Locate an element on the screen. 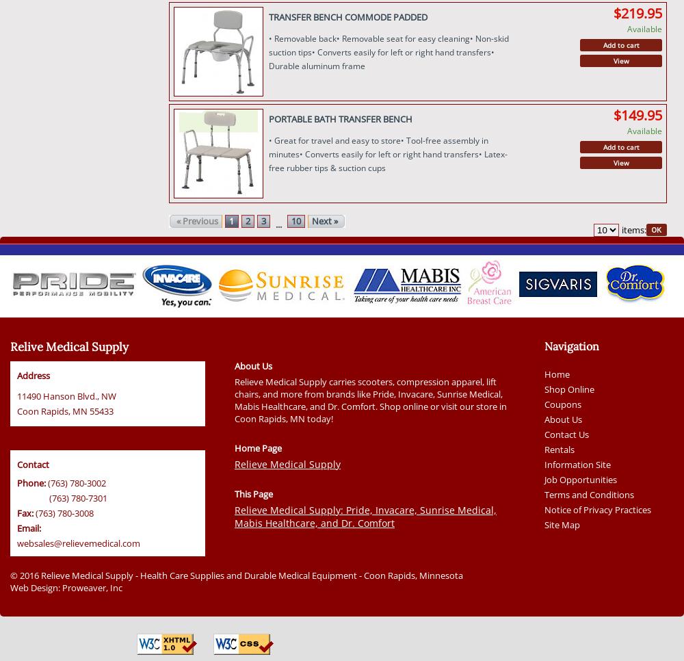  'Email:' is located at coordinates (29, 526).